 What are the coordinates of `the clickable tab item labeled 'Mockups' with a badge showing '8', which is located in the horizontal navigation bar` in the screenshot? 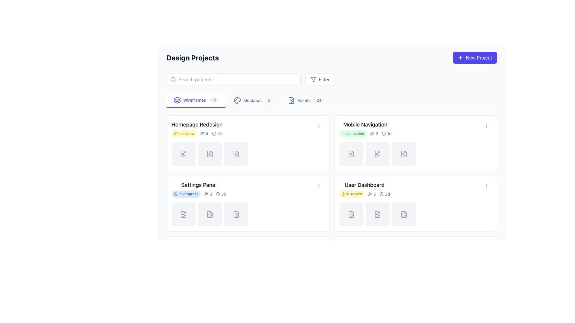 It's located at (253, 100).